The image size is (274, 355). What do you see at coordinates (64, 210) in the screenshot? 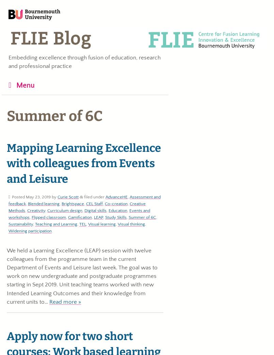
I see `'Curriculum design'` at bounding box center [64, 210].